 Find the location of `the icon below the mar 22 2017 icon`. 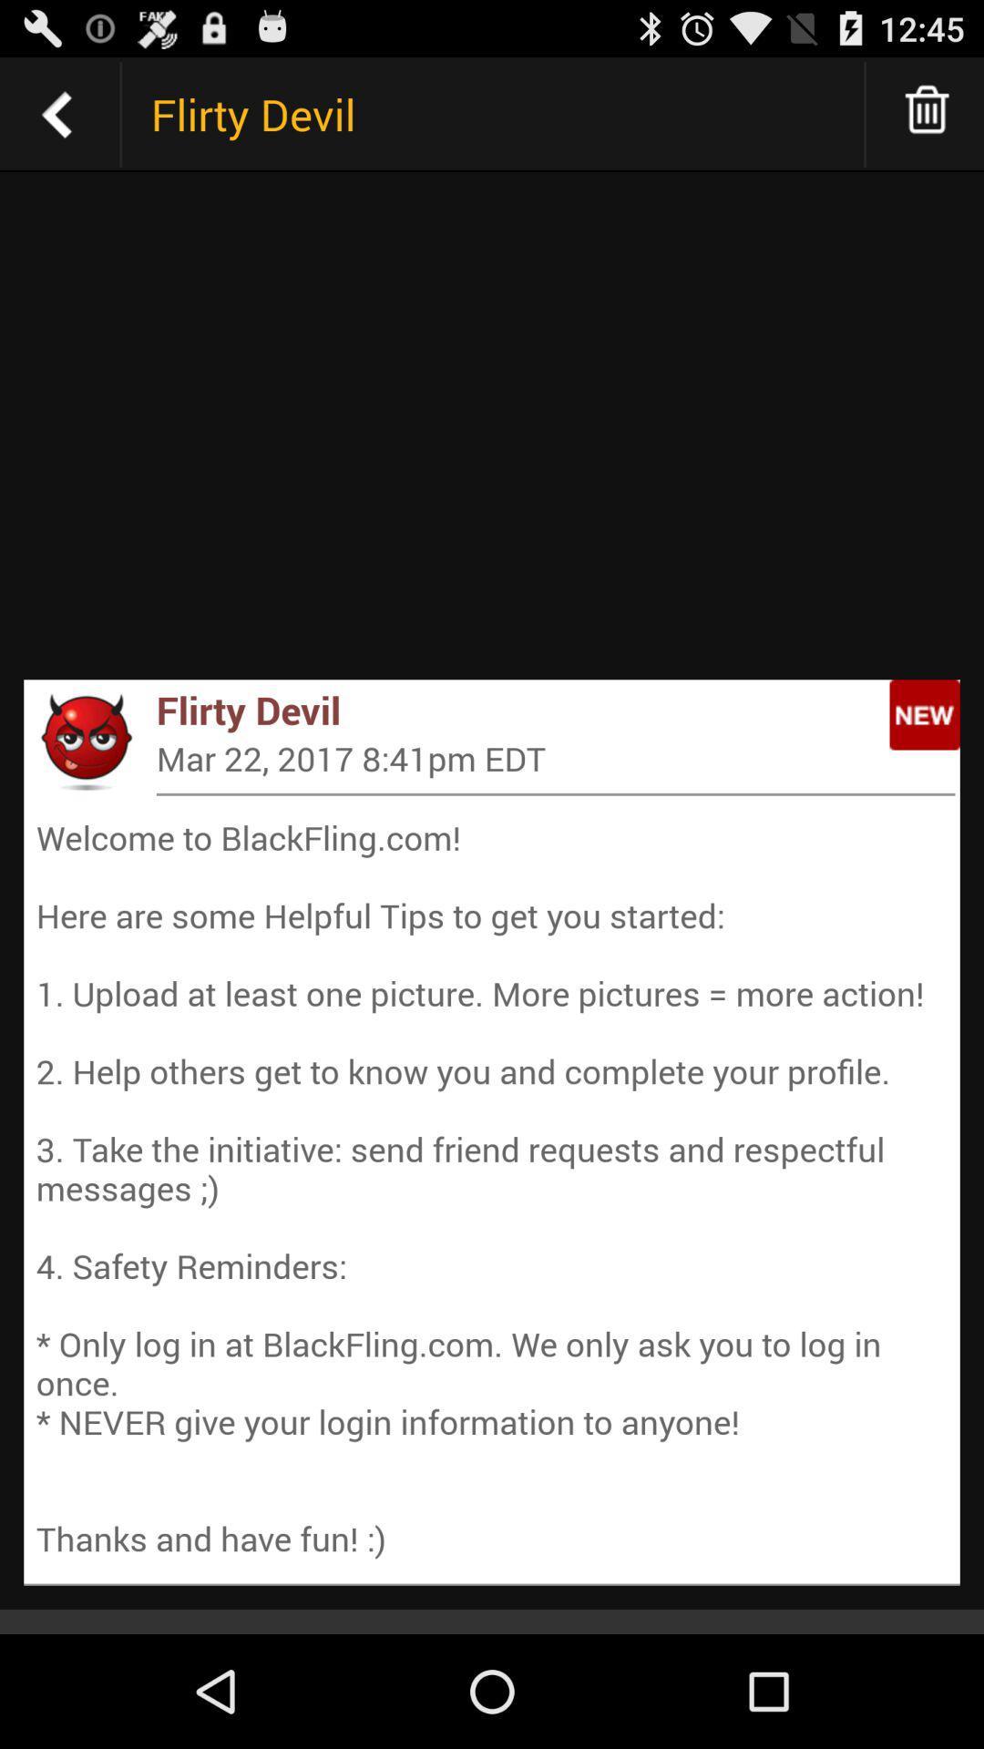

the icon below the mar 22 2017 icon is located at coordinates (555, 794).